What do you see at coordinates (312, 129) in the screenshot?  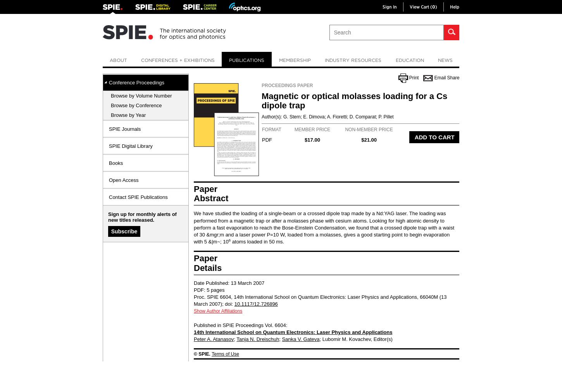 I see `'Member Price'` at bounding box center [312, 129].